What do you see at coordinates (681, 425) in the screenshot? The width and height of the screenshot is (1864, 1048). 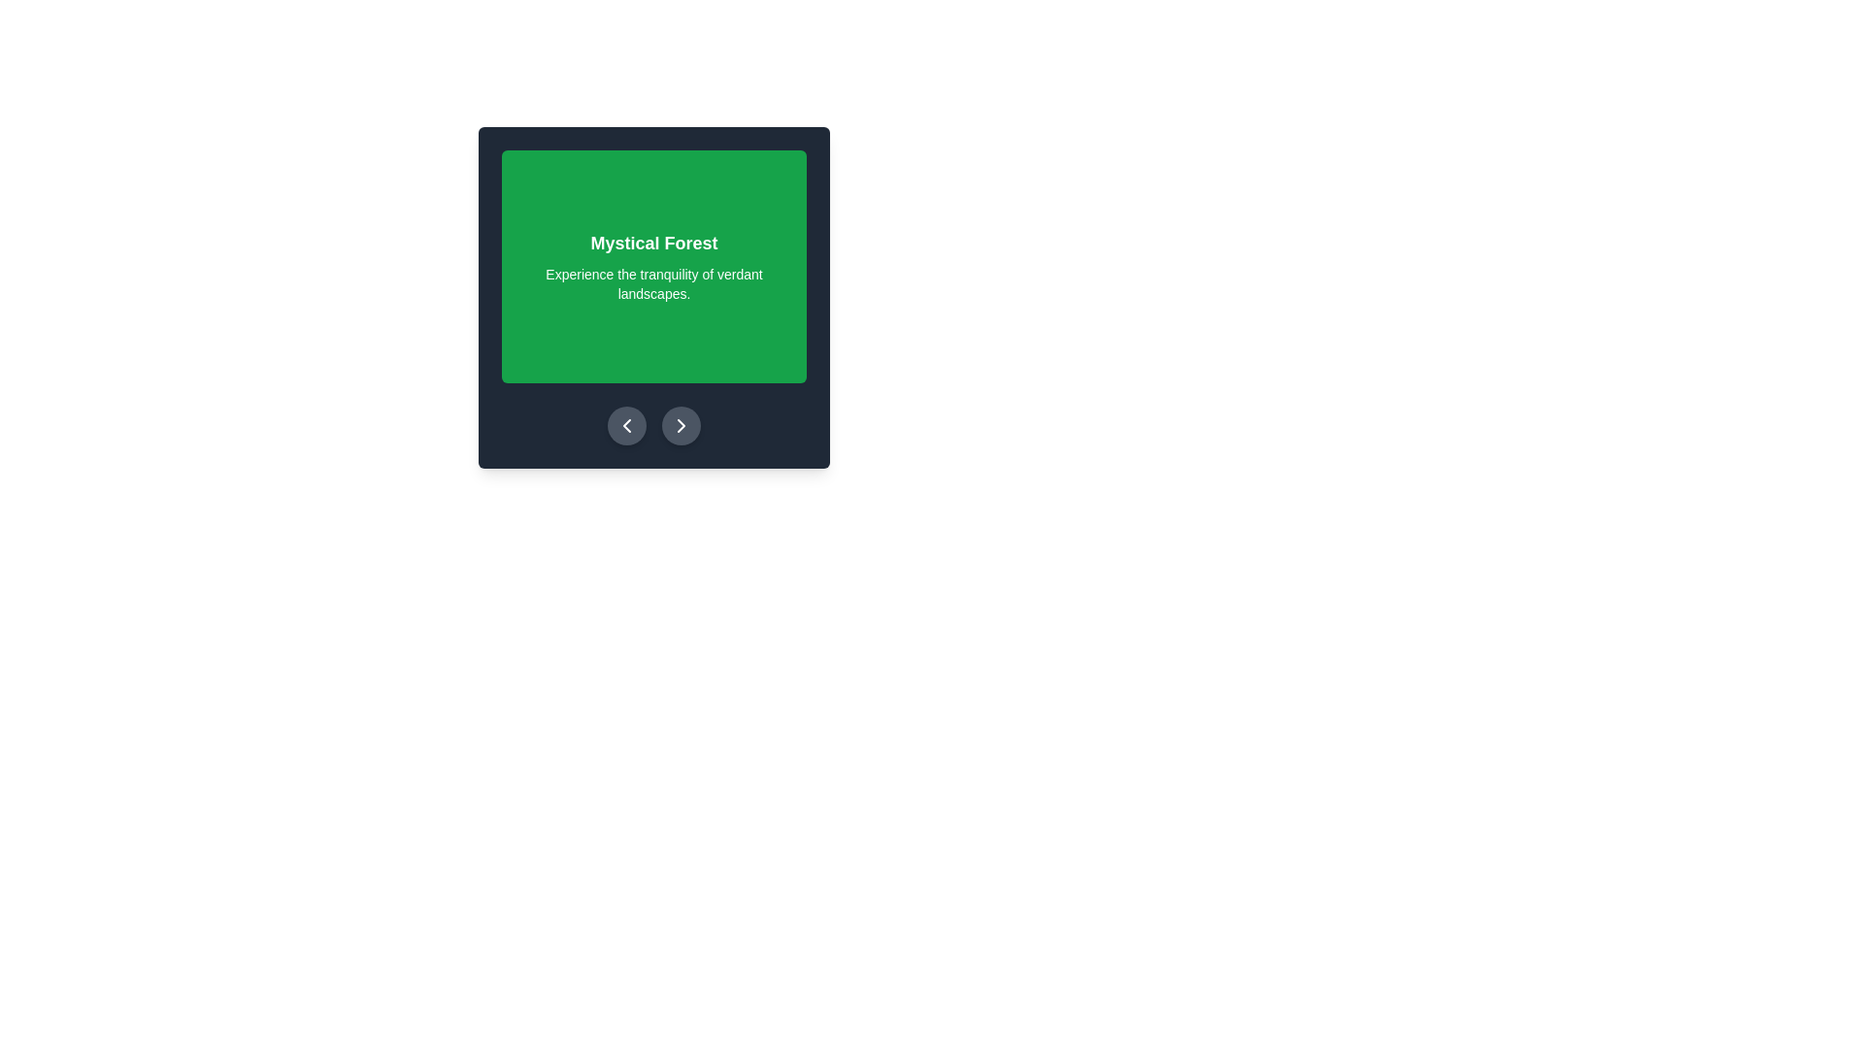 I see `the circular button with a dark gray background and a white right-pointing chevron icon, located to the right of a similar button` at bounding box center [681, 425].